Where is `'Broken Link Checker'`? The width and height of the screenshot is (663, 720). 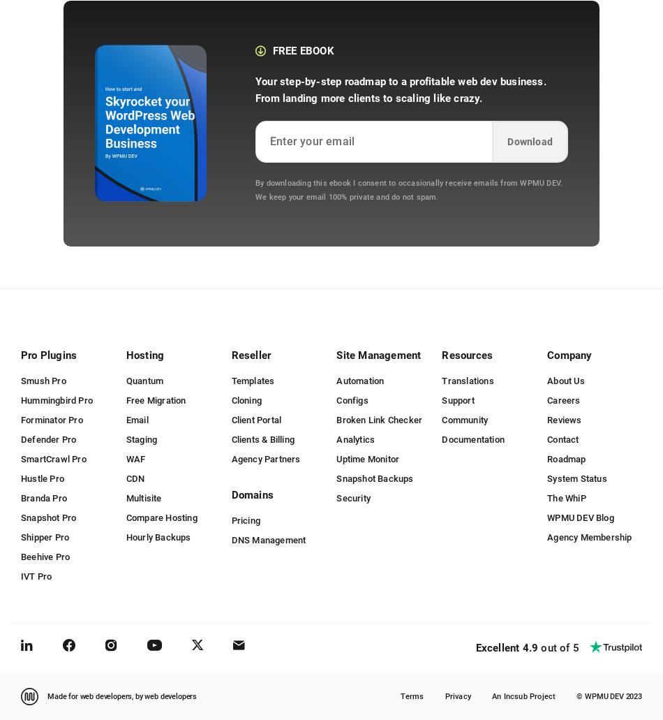
'Broken Link Checker' is located at coordinates (379, 418).